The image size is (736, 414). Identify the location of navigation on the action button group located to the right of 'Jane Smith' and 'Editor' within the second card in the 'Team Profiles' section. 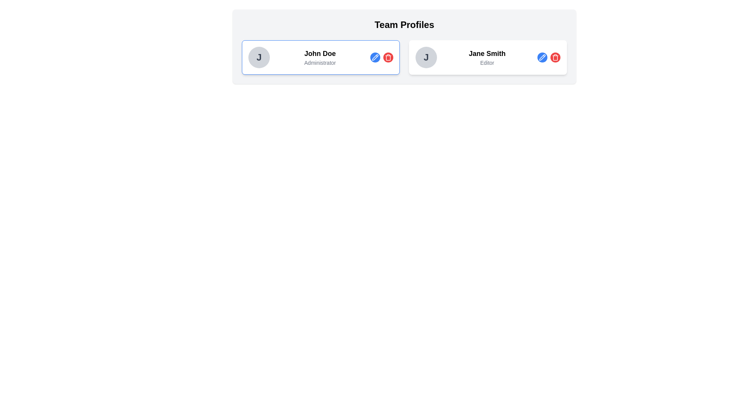
(548, 57).